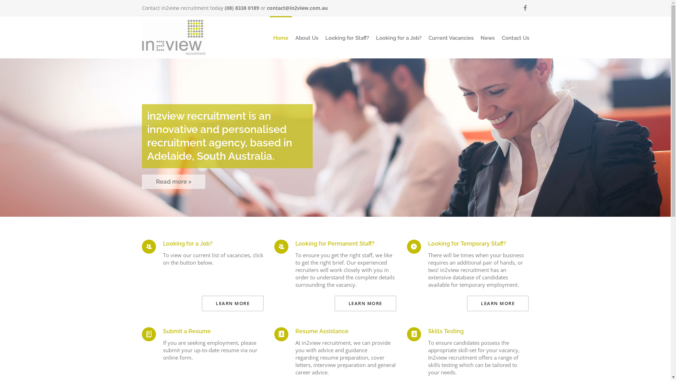 The width and height of the screenshot is (676, 380). What do you see at coordinates (347, 38) in the screenshot?
I see `'Looking for Staff?'` at bounding box center [347, 38].